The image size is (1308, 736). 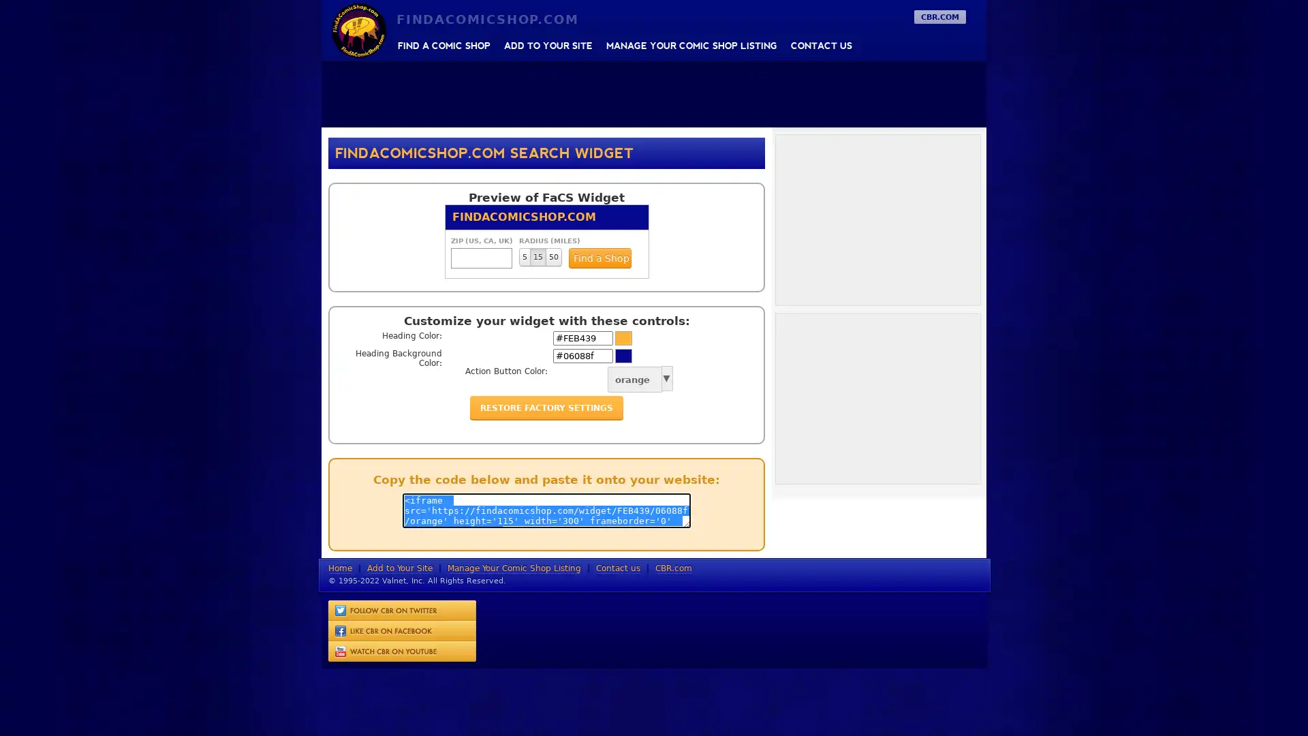 What do you see at coordinates (546, 407) in the screenshot?
I see `RESTORE FACTORY SETTINGS` at bounding box center [546, 407].